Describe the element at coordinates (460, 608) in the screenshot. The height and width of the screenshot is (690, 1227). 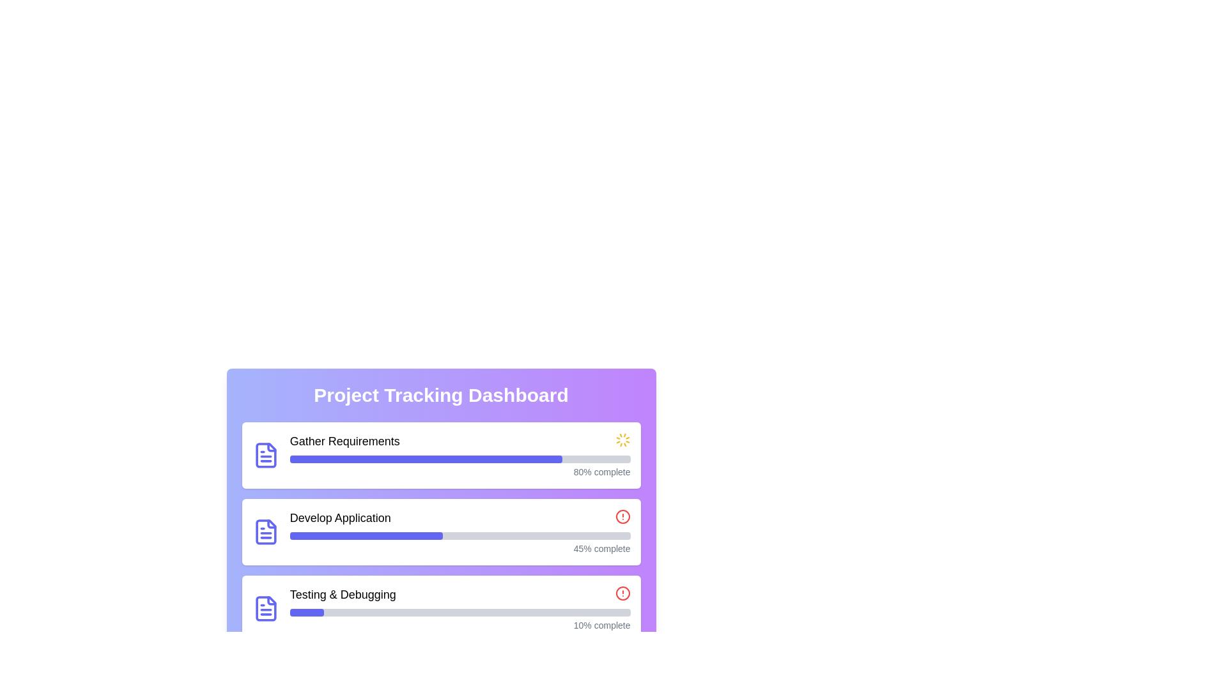
I see `the progress tracker component labeled 'Testing & Debugging'` at that location.